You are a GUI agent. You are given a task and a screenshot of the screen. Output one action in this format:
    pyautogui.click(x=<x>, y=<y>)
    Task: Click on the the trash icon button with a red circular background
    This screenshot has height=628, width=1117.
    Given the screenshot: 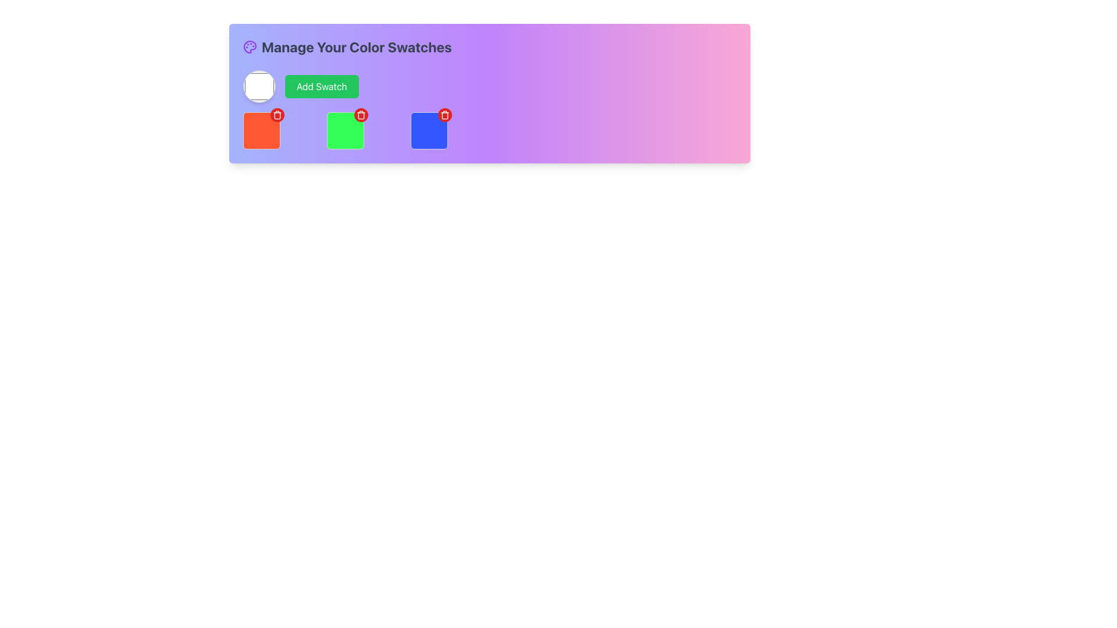 What is the action you would take?
    pyautogui.click(x=360, y=115)
    